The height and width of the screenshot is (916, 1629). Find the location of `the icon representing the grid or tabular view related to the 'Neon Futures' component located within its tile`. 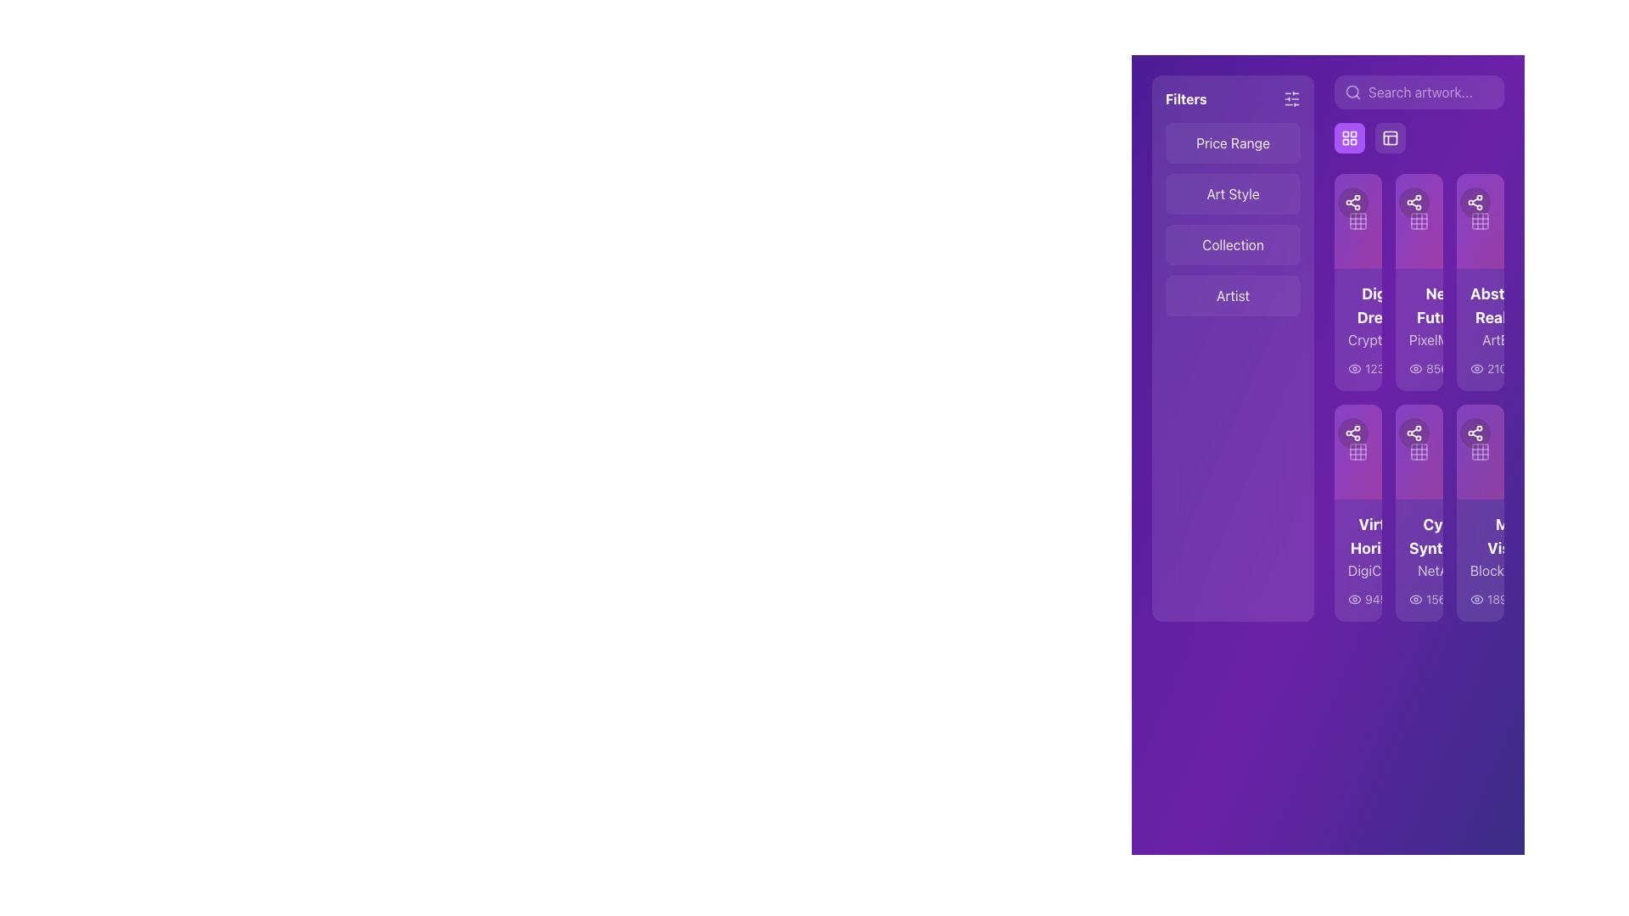

the icon representing the grid or tabular view related to the 'Neon Futures' component located within its tile is located at coordinates (1419, 221).